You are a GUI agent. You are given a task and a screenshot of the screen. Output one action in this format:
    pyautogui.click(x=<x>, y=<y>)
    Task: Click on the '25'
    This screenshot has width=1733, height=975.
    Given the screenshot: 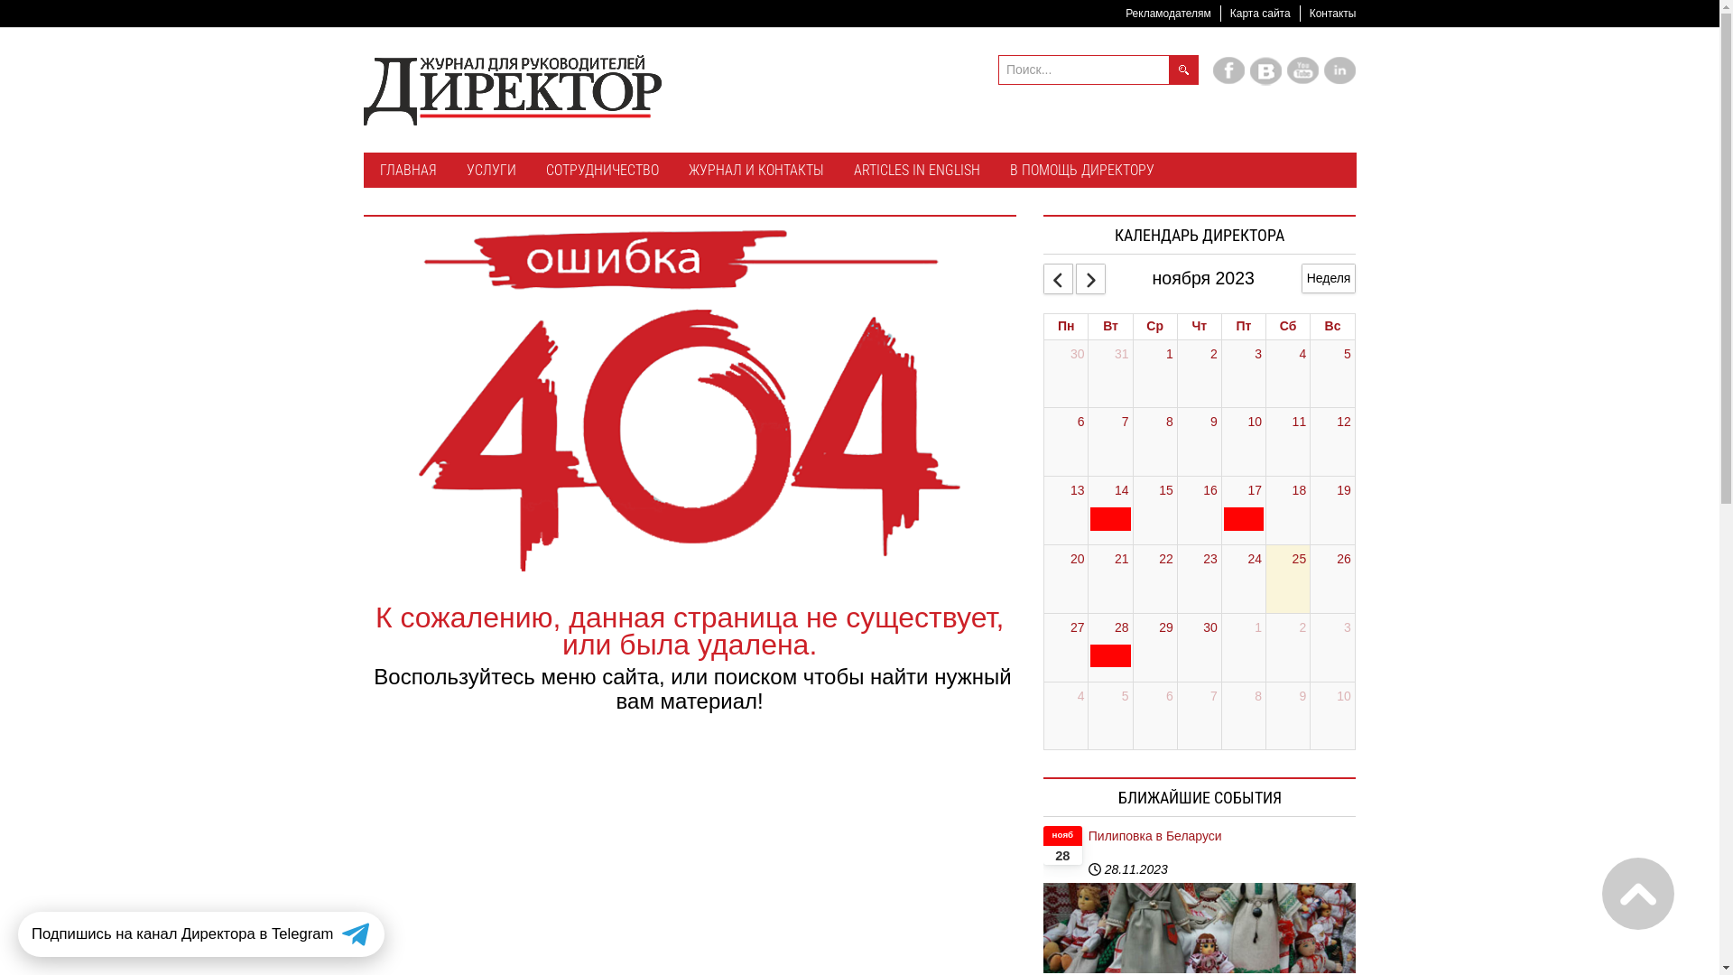 What is the action you would take?
    pyautogui.click(x=1288, y=559)
    